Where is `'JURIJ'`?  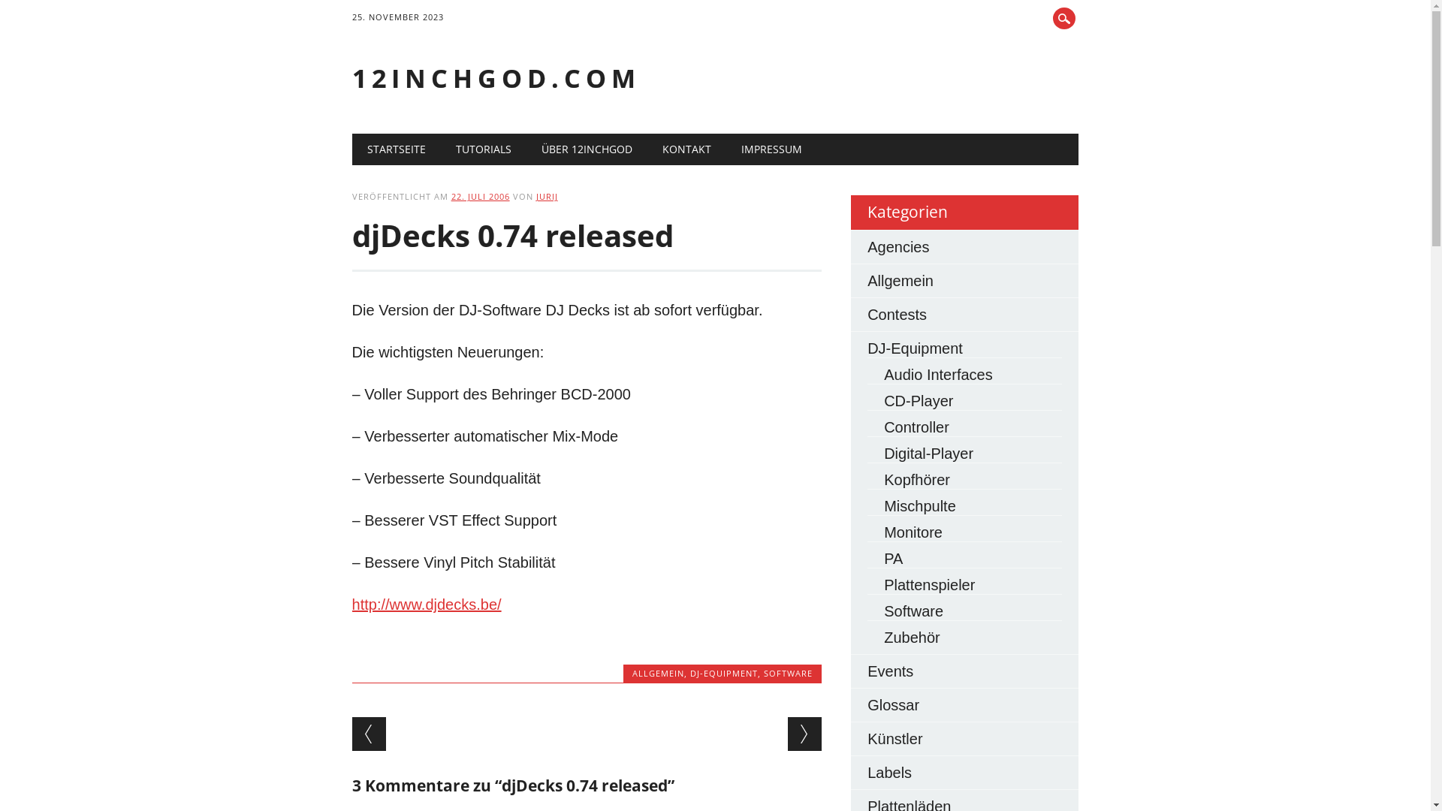
'JURIJ' is located at coordinates (546, 195).